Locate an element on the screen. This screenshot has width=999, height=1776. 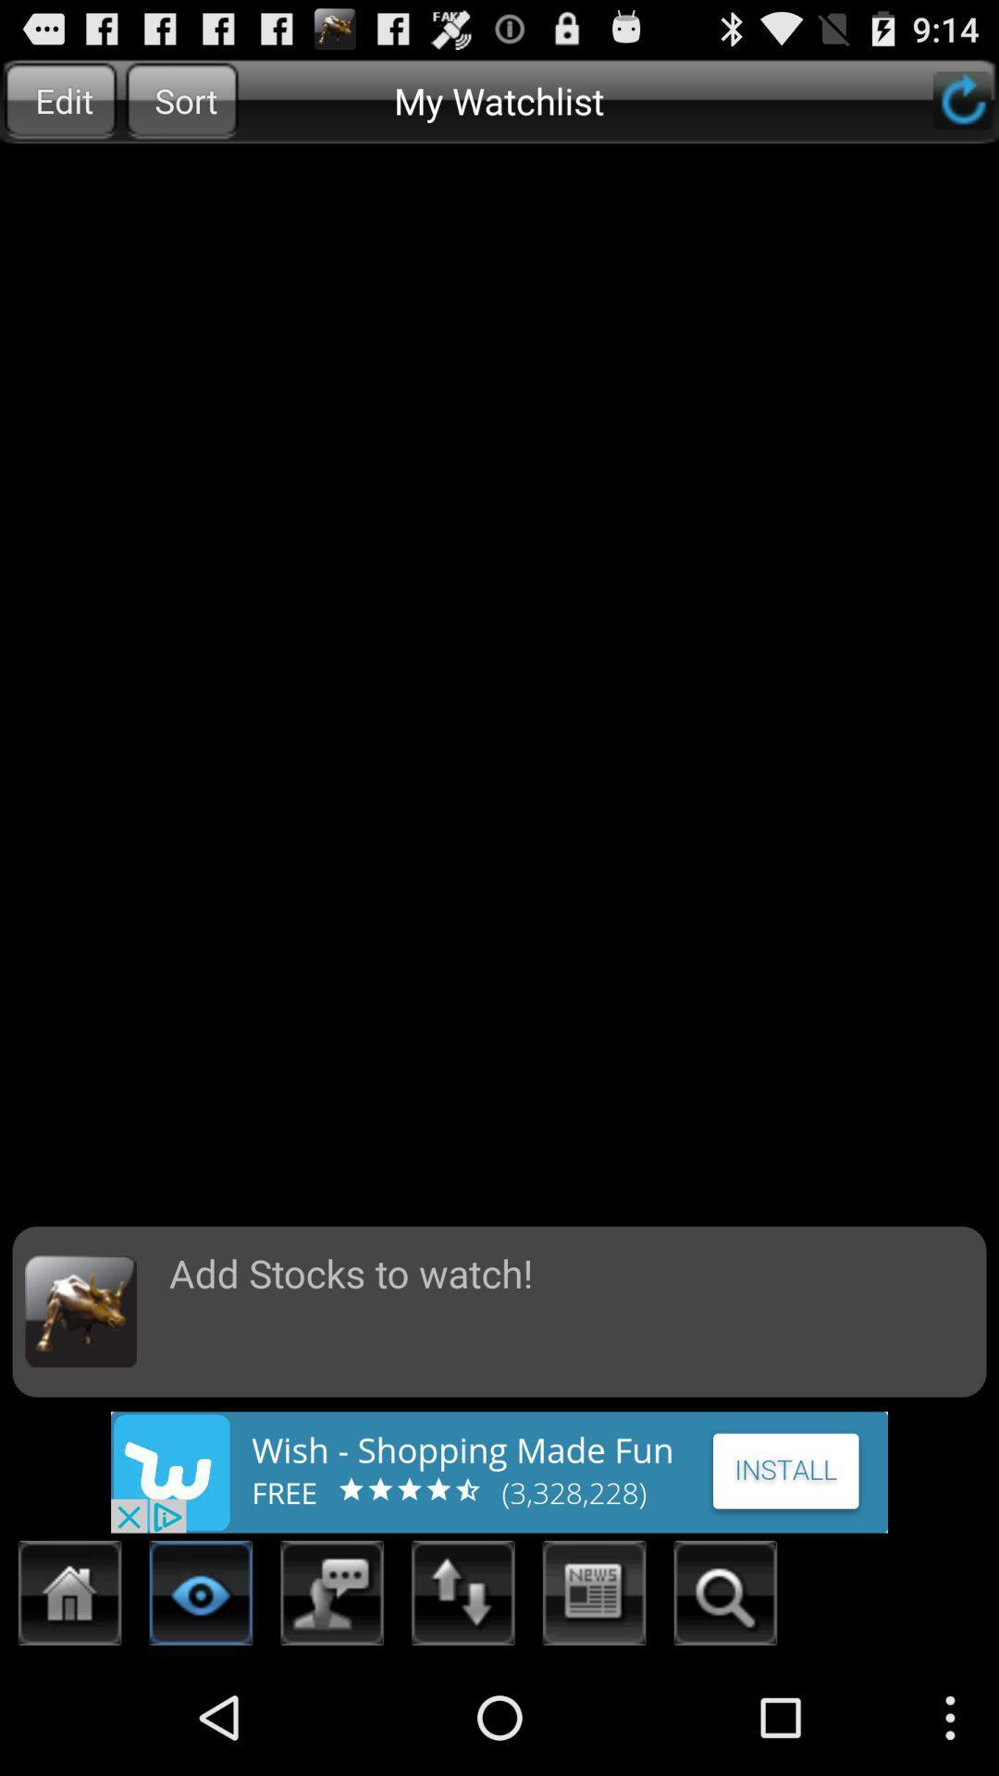
chris is located at coordinates (724, 1597).